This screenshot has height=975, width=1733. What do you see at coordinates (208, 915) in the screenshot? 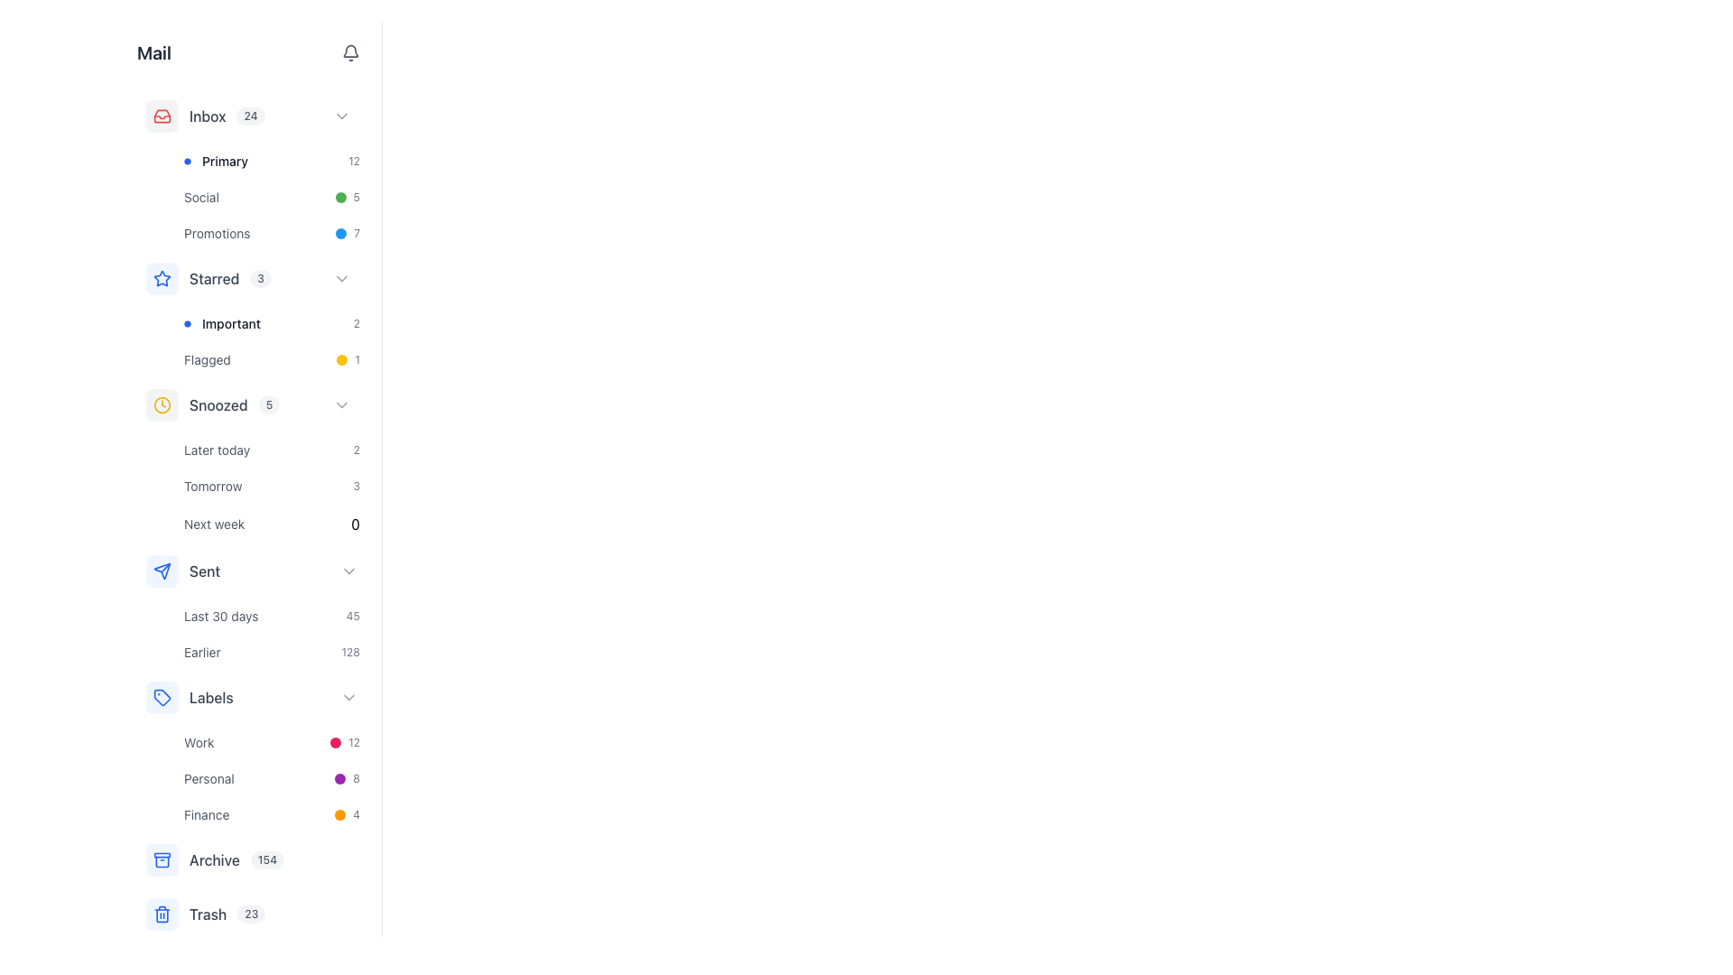
I see `on the 'Trash' text label located in the bottom-left section of the vertical email navigation panel` at bounding box center [208, 915].